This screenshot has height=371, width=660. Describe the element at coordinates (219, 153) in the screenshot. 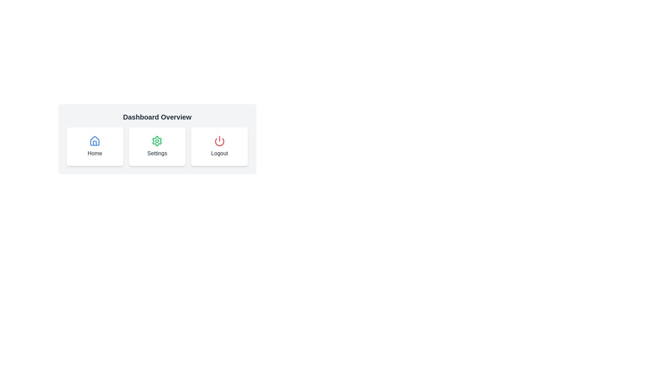

I see `text content of the 'Logout' text label, which is displayed in gray under the red power icon` at that location.